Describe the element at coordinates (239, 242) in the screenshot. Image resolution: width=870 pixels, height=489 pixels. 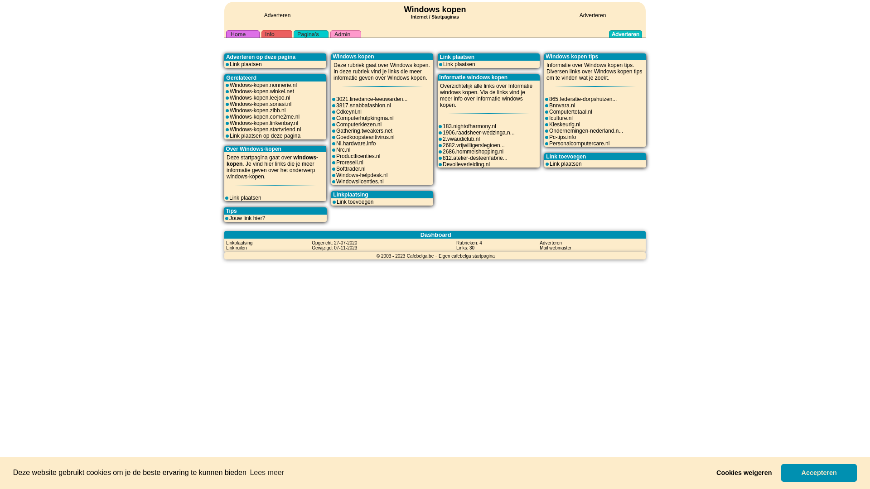
I see `'Linkplaatsing'` at that location.